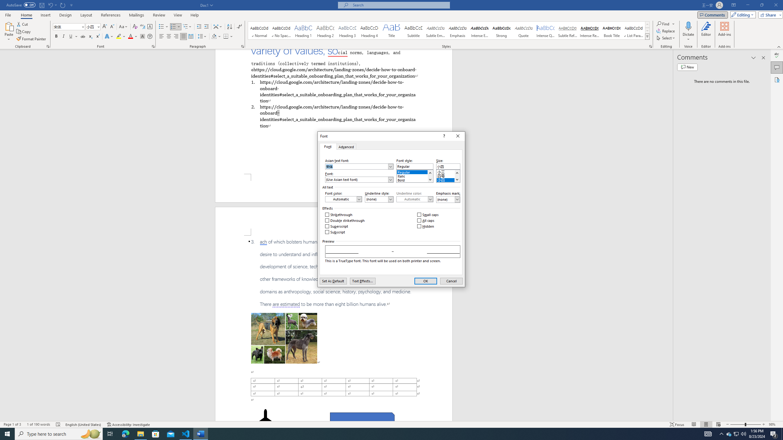  I want to click on 'Strikethrough', so click(339, 215).